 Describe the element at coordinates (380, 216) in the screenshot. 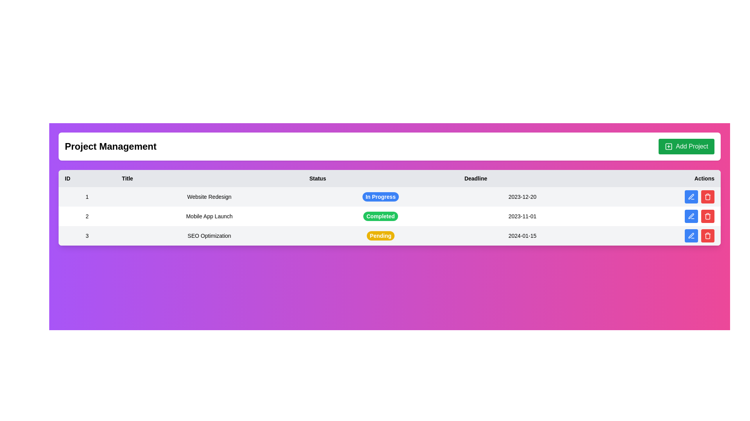

I see `text within the 'Completed' badge located in the 'Status' column of the second row, corresponding to the 'Mobile App Launch' project` at that location.